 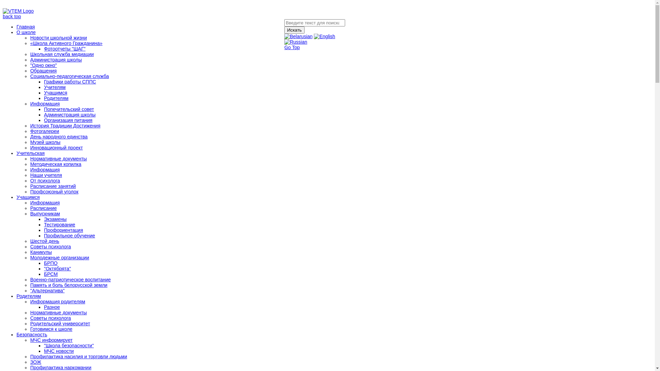 I want to click on 'English', so click(x=324, y=36).